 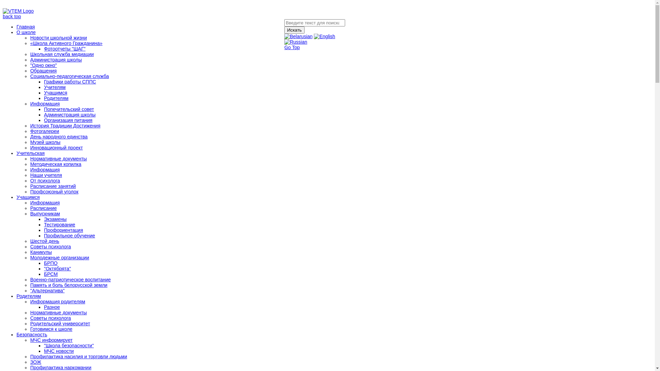 I want to click on 'English', so click(x=324, y=36).